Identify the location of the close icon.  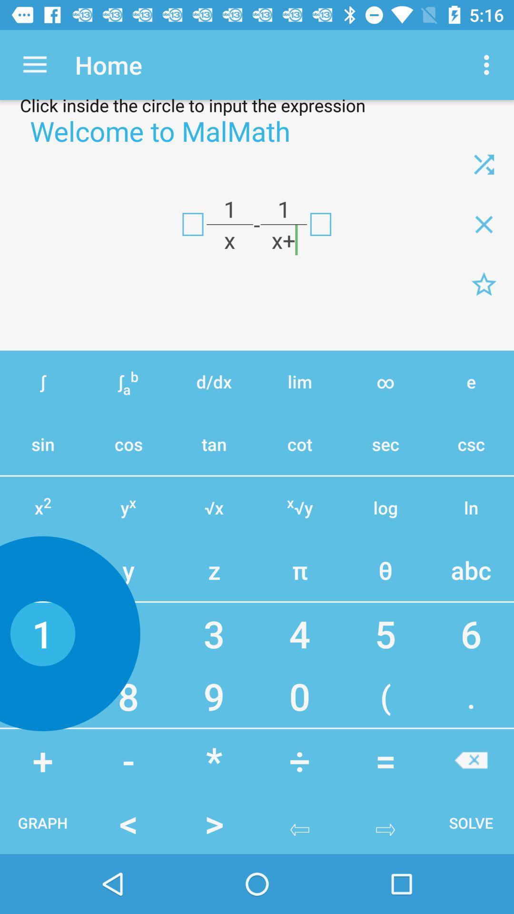
(484, 224).